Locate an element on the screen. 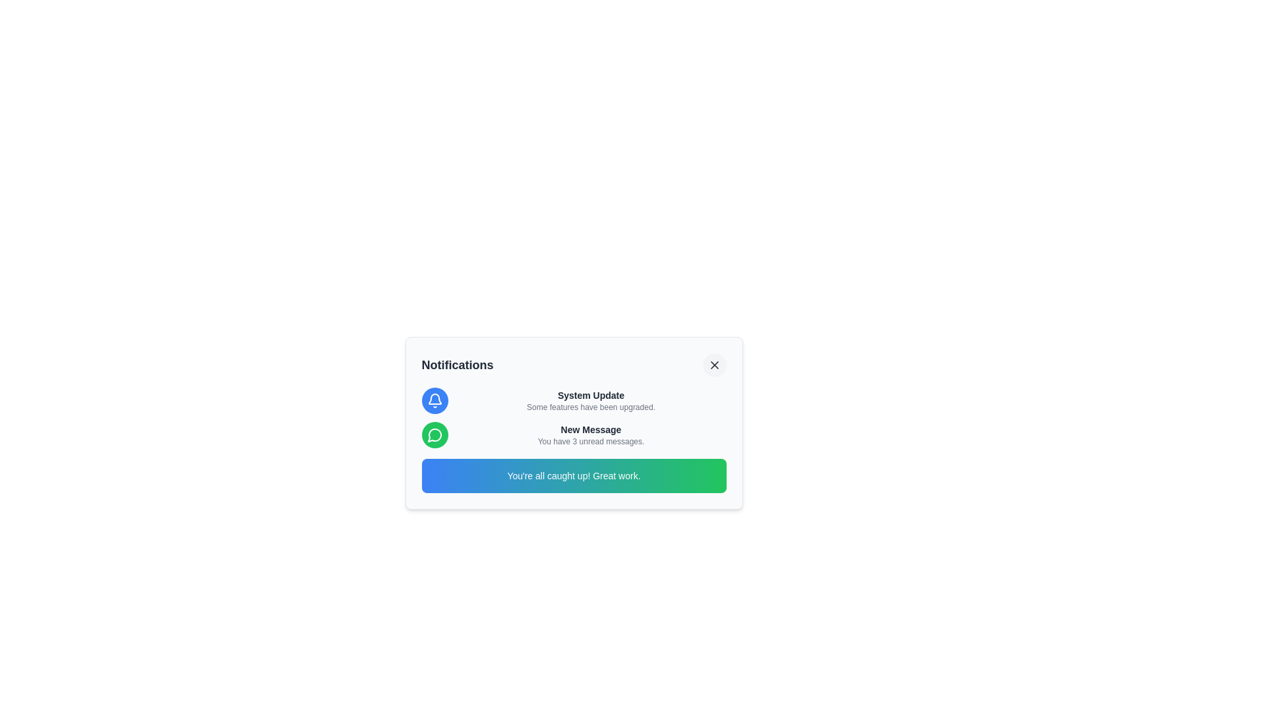 The height and width of the screenshot is (712, 1266). congratulatory notification message displayed at the center of the gradient rectangular block near the bottom of the notification card is located at coordinates (574, 475).